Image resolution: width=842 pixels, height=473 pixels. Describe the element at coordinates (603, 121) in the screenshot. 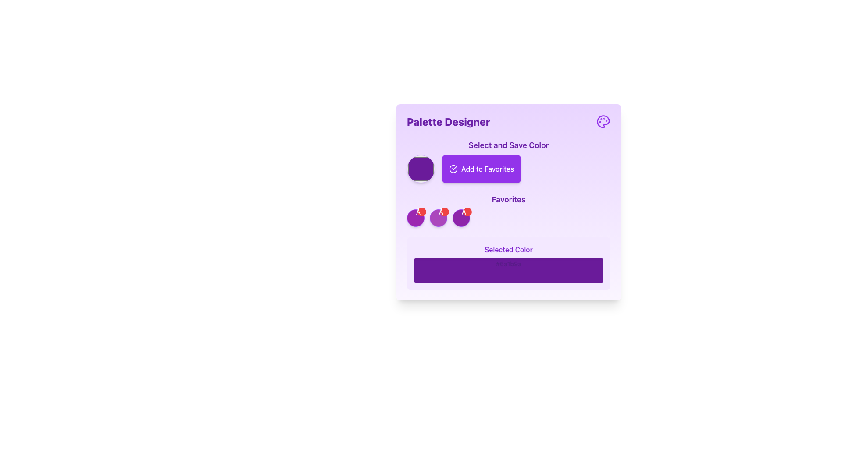

I see `the central area of the painter's palette icon, which is styled in solid purple and located at the top-right corner of the interactive area` at that location.